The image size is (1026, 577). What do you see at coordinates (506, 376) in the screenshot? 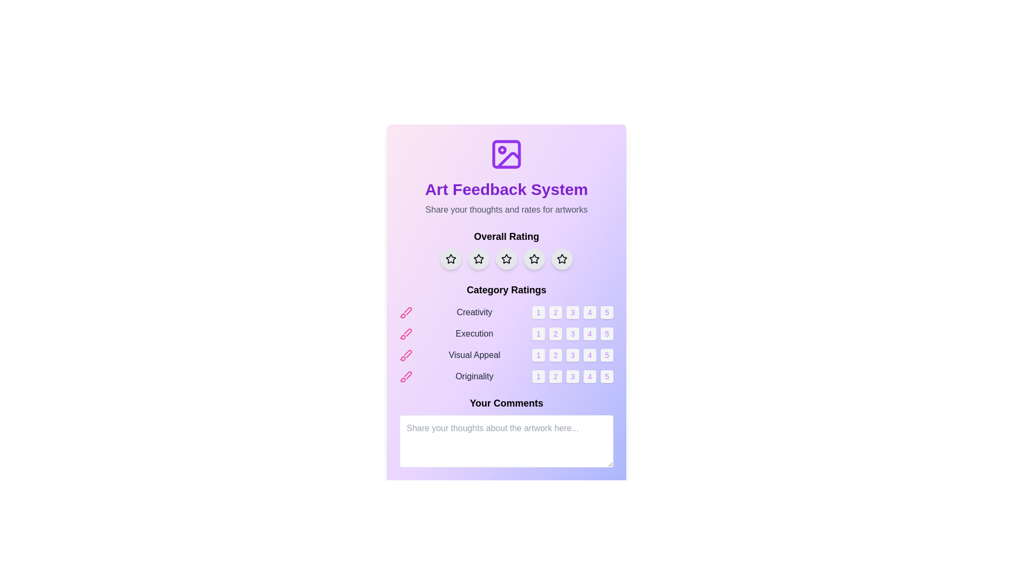
I see `the rating button for 'Originality' located beneath the 'Creativity', 'Execution', and 'Visual Appeal' entries` at bounding box center [506, 376].